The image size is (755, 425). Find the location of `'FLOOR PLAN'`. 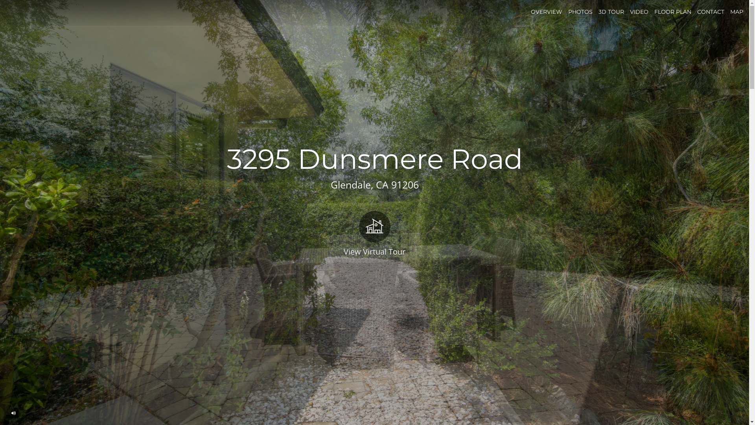

'FLOOR PLAN' is located at coordinates (672, 12).